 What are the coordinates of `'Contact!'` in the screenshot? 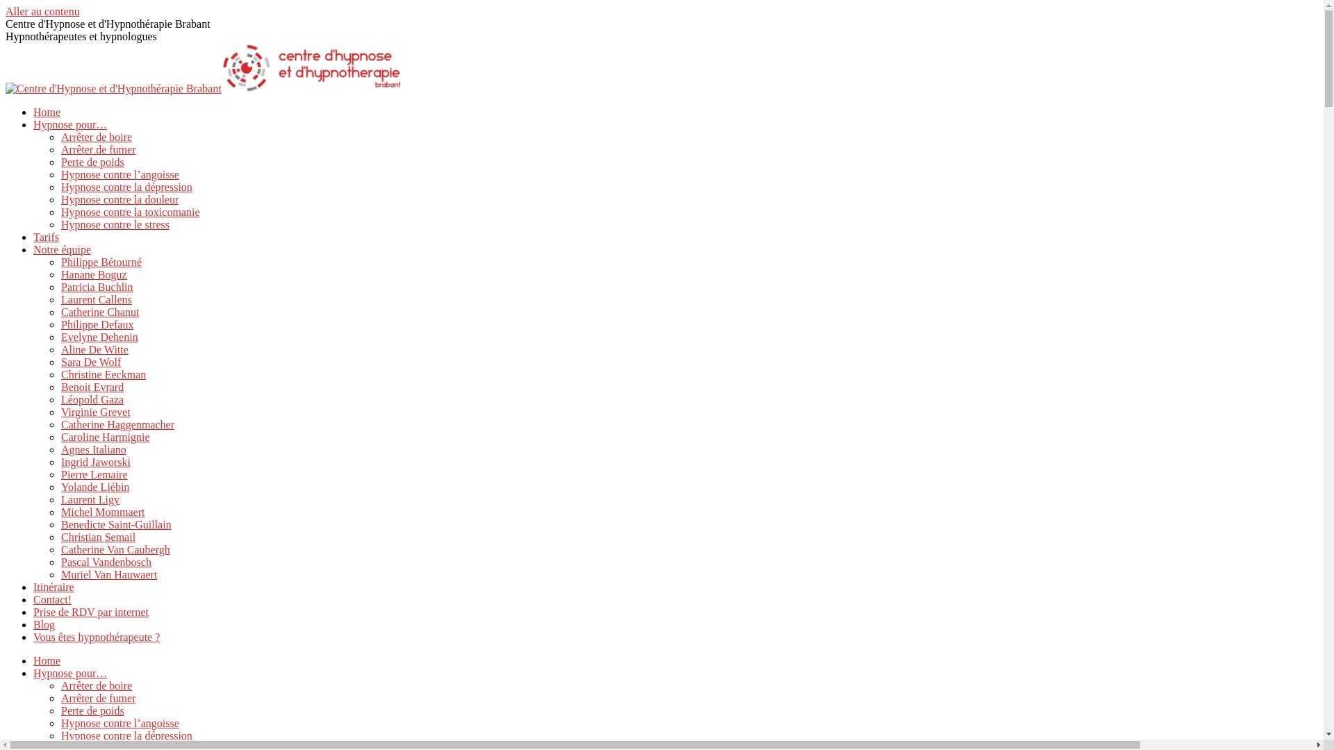 It's located at (33, 599).